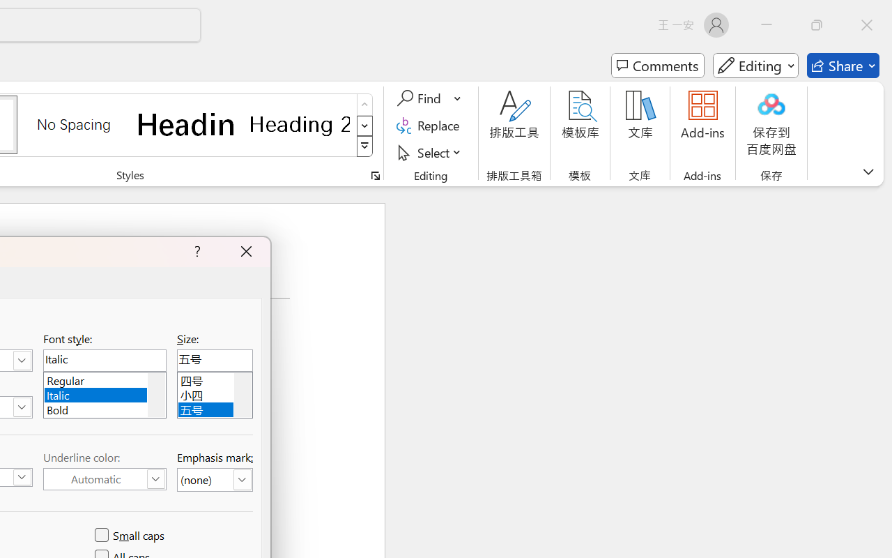  Describe the element at coordinates (214, 359) in the screenshot. I see `'RichEdit Control'` at that location.